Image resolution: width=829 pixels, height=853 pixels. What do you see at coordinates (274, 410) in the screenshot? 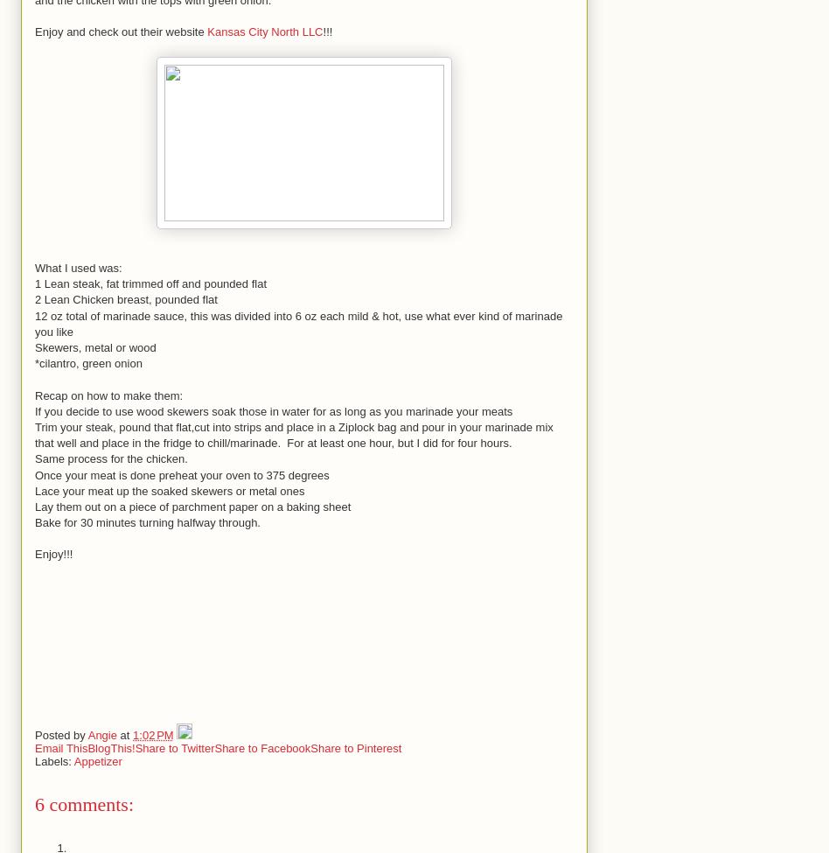
I see `'If you decide to use wood skewers soak those in water for as long as you marinade your meats'` at bounding box center [274, 410].